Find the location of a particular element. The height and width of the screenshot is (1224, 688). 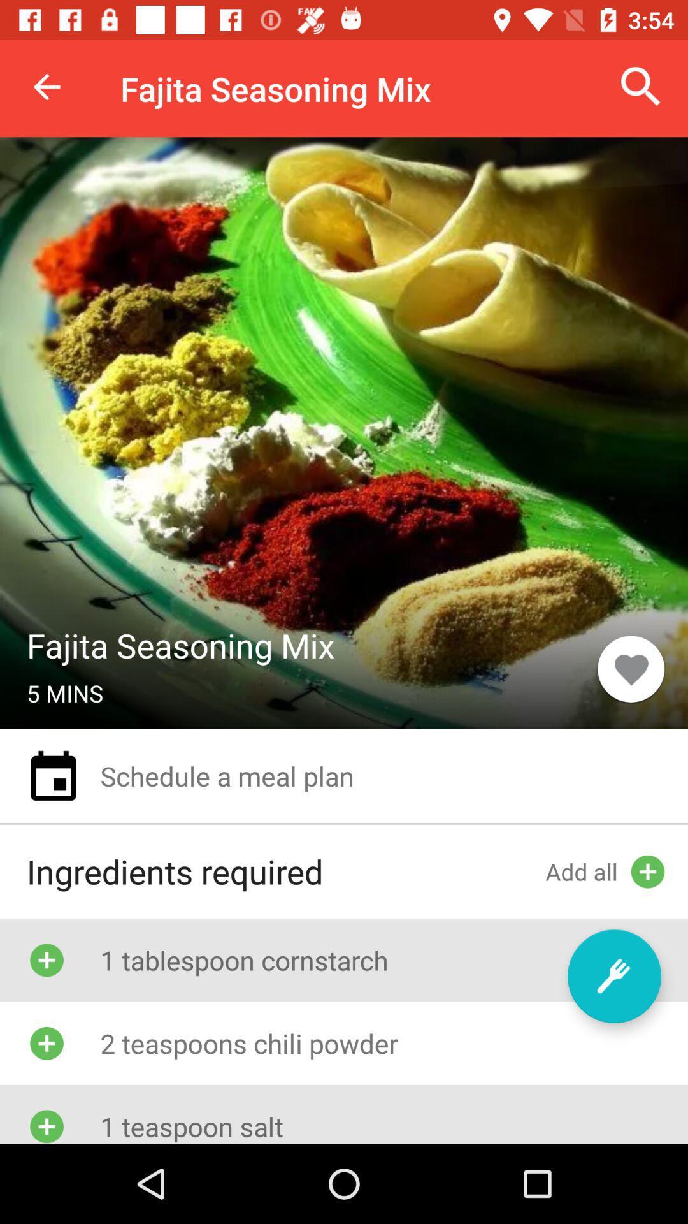

the edit icon is located at coordinates (613, 975).